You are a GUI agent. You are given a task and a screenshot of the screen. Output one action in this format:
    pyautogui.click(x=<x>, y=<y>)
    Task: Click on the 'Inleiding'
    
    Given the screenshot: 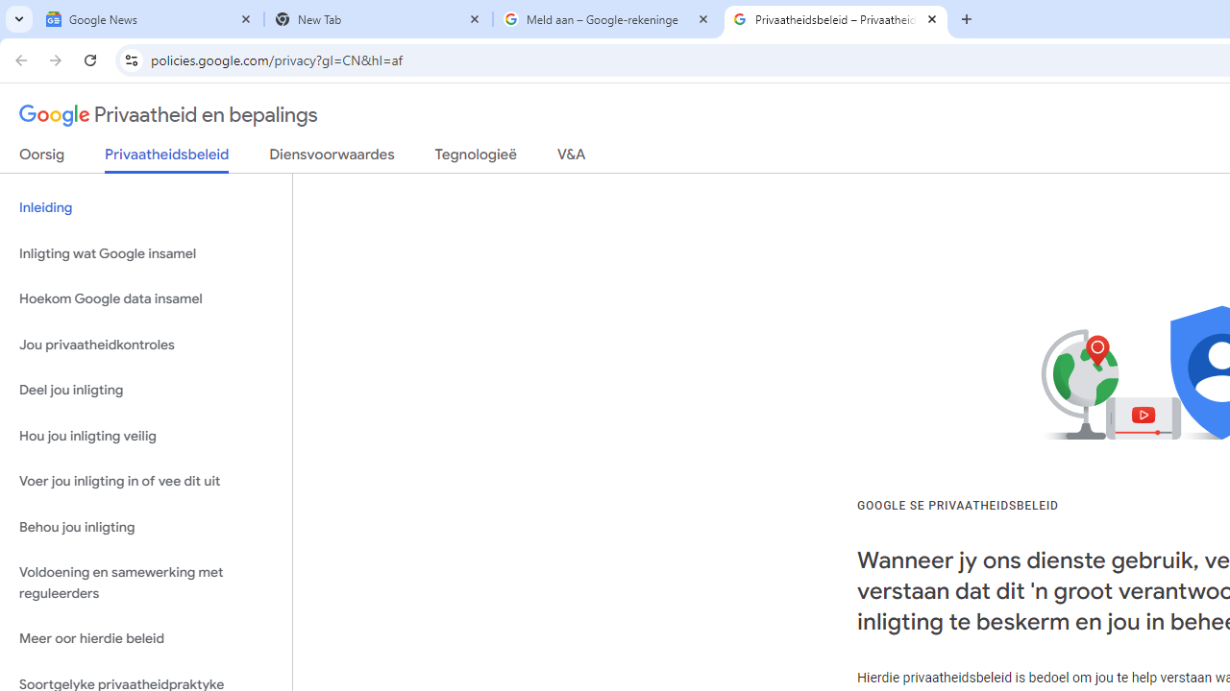 What is the action you would take?
    pyautogui.click(x=145, y=208)
    